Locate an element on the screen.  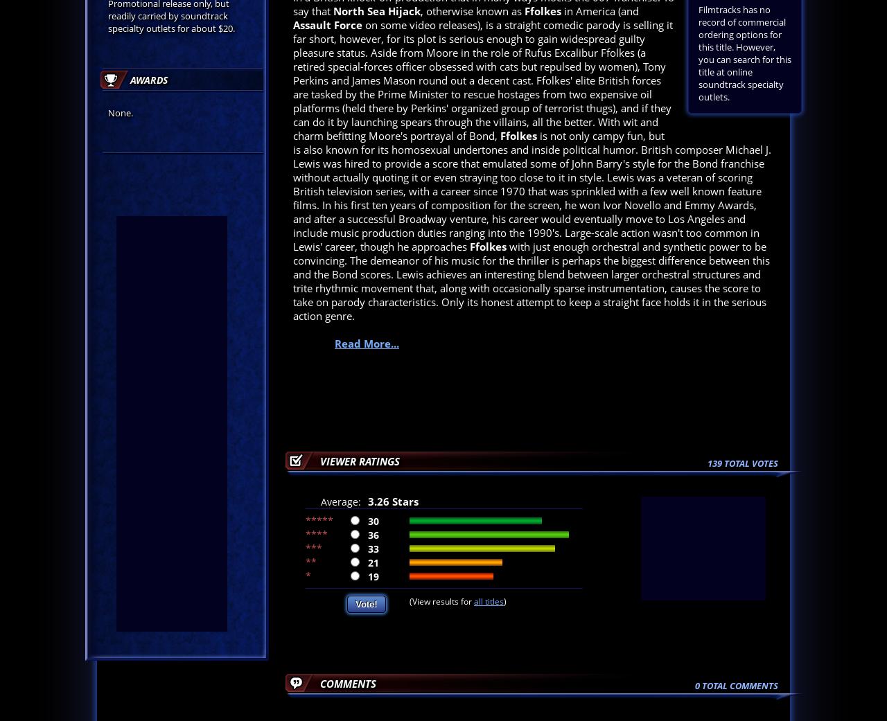
'33' is located at coordinates (374, 548).